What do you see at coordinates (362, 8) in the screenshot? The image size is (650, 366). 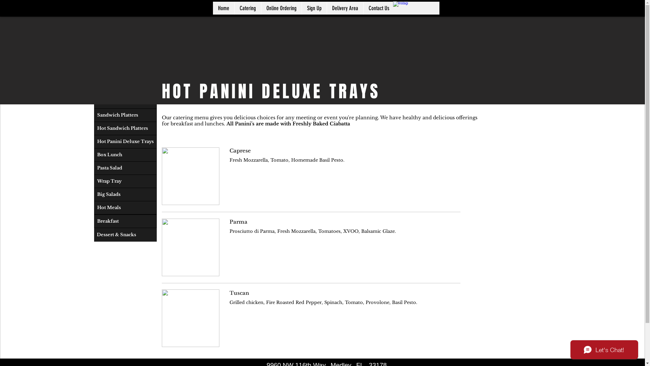 I see `'Contact Us'` at bounding box center [362, 8].